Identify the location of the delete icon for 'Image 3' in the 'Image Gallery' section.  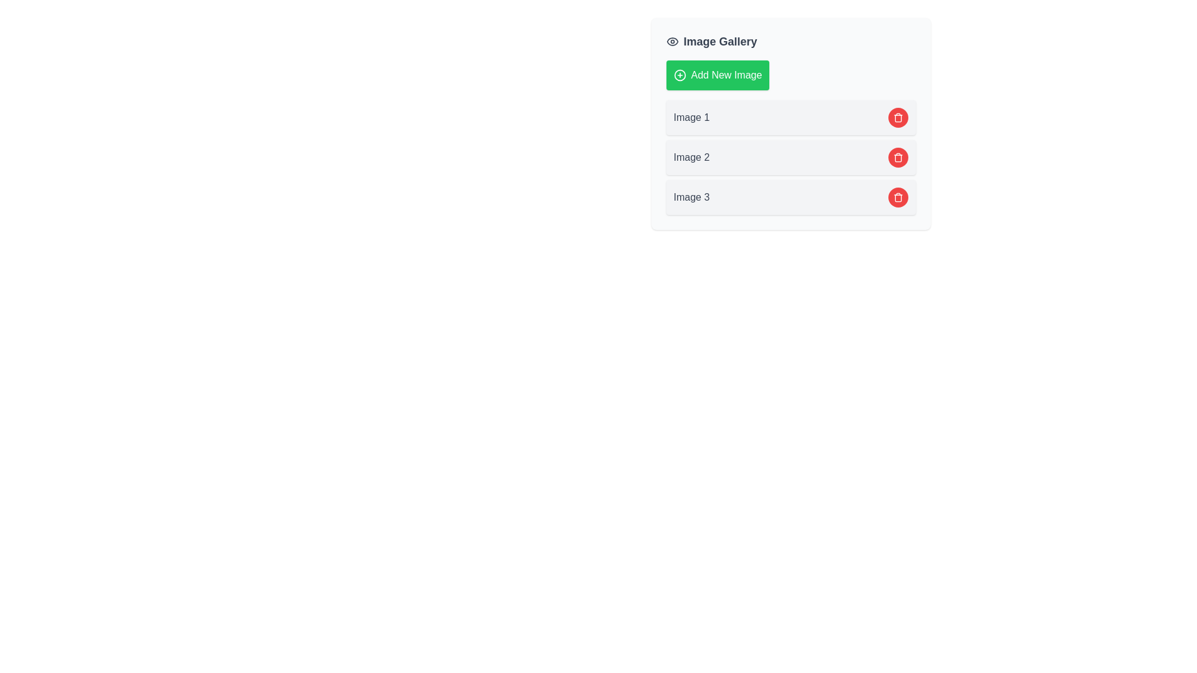
(898, 157).